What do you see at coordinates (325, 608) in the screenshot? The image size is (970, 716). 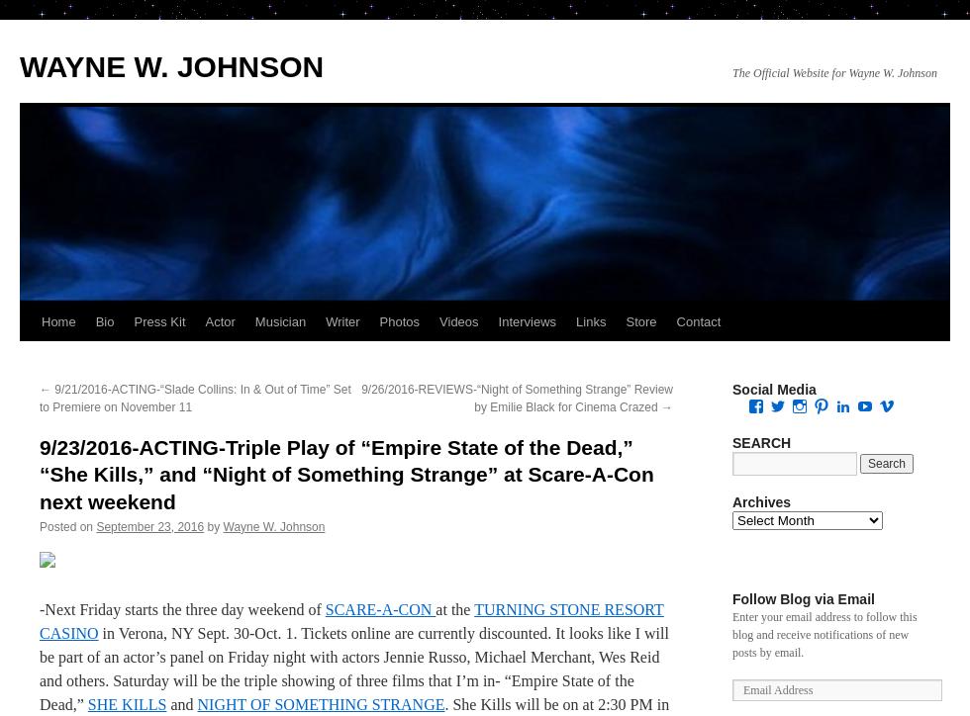 I see `'SCARE-A-CON'` at bounding box center [325, 608].